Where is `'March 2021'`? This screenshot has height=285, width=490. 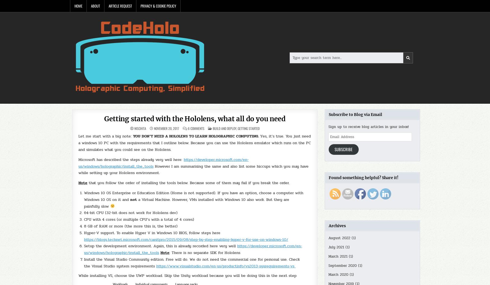 'March 2021' is located at coordinates (337, 256).